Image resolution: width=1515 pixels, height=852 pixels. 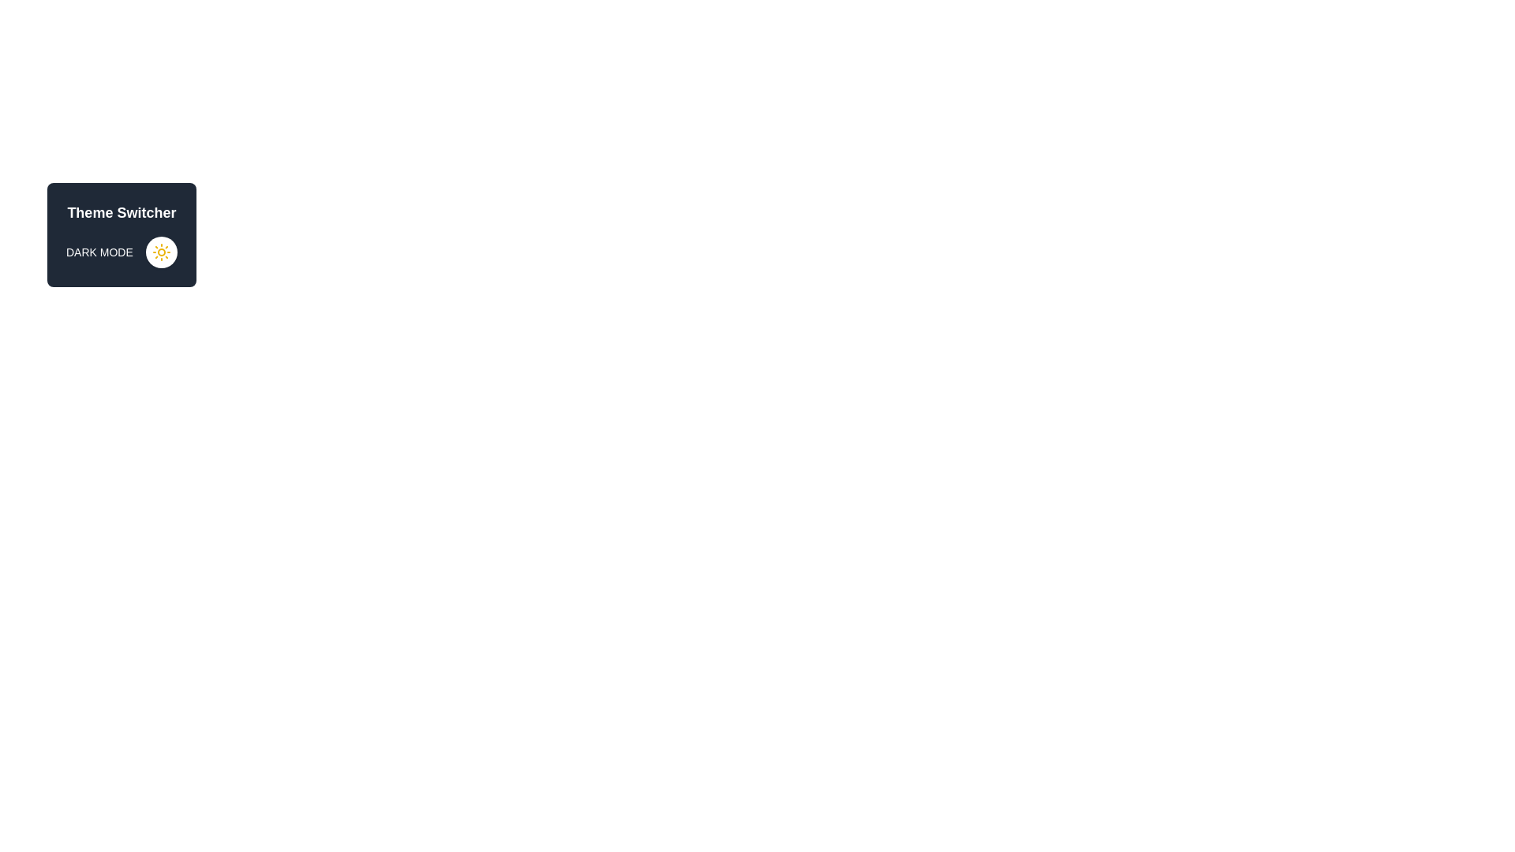 I want to click on the toggle switch labeled 'Dark Mode' to switch themes, located below the 'Theme Switcher' text, so click(x=121, y=252).